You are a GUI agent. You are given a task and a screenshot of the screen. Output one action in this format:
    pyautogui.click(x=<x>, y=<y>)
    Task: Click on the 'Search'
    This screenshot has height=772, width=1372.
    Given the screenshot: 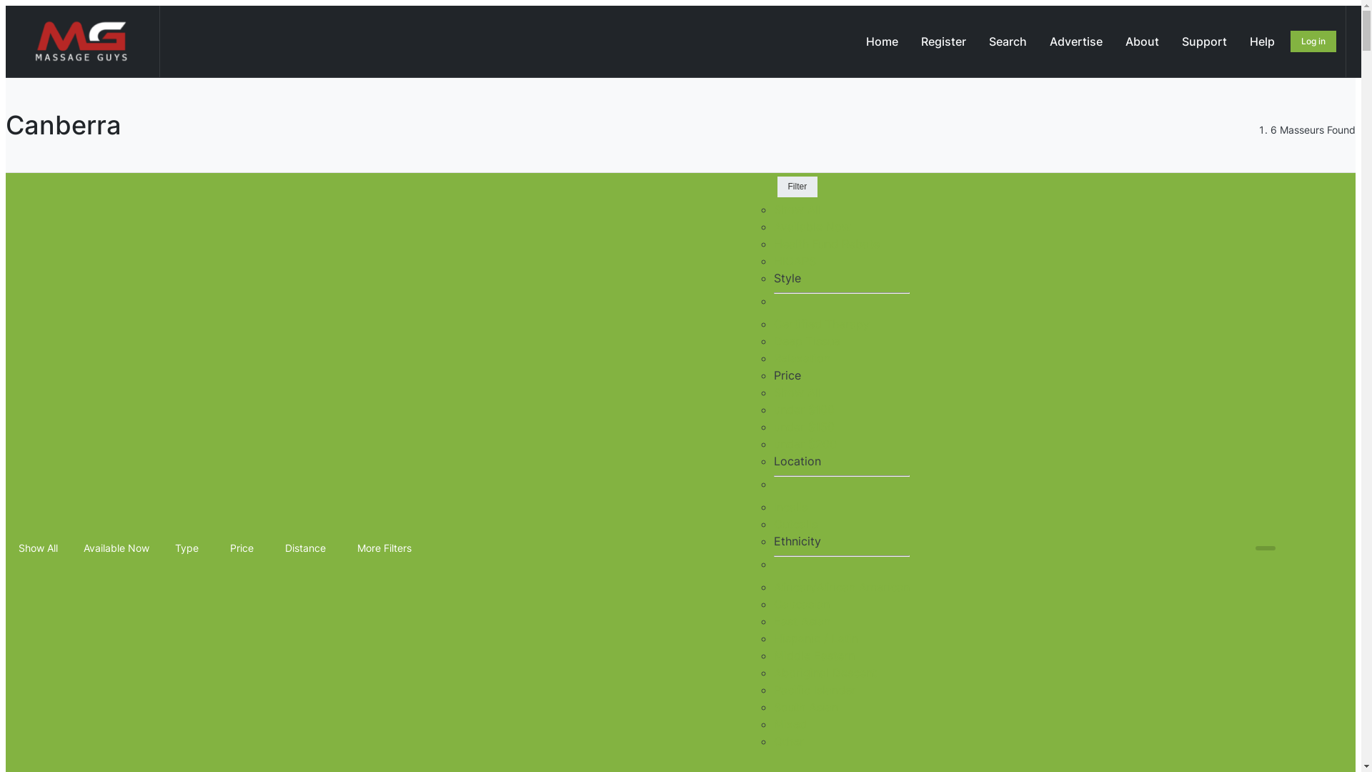 What is the action you would take?
    pyautogui.click(x=1007, y=40)
    